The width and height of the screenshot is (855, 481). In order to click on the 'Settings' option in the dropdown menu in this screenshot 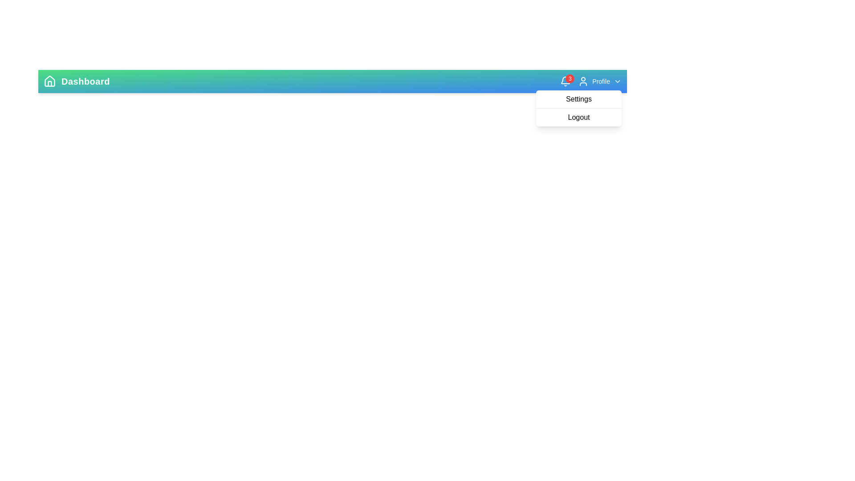, I will do `click(579, 99)`.